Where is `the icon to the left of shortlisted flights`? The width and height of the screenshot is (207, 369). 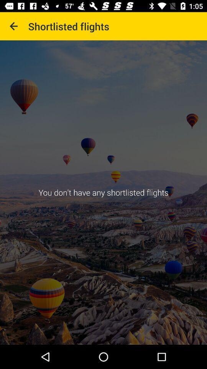
the icon to the left of shortlisted flights is located at coordinates (14, 26).